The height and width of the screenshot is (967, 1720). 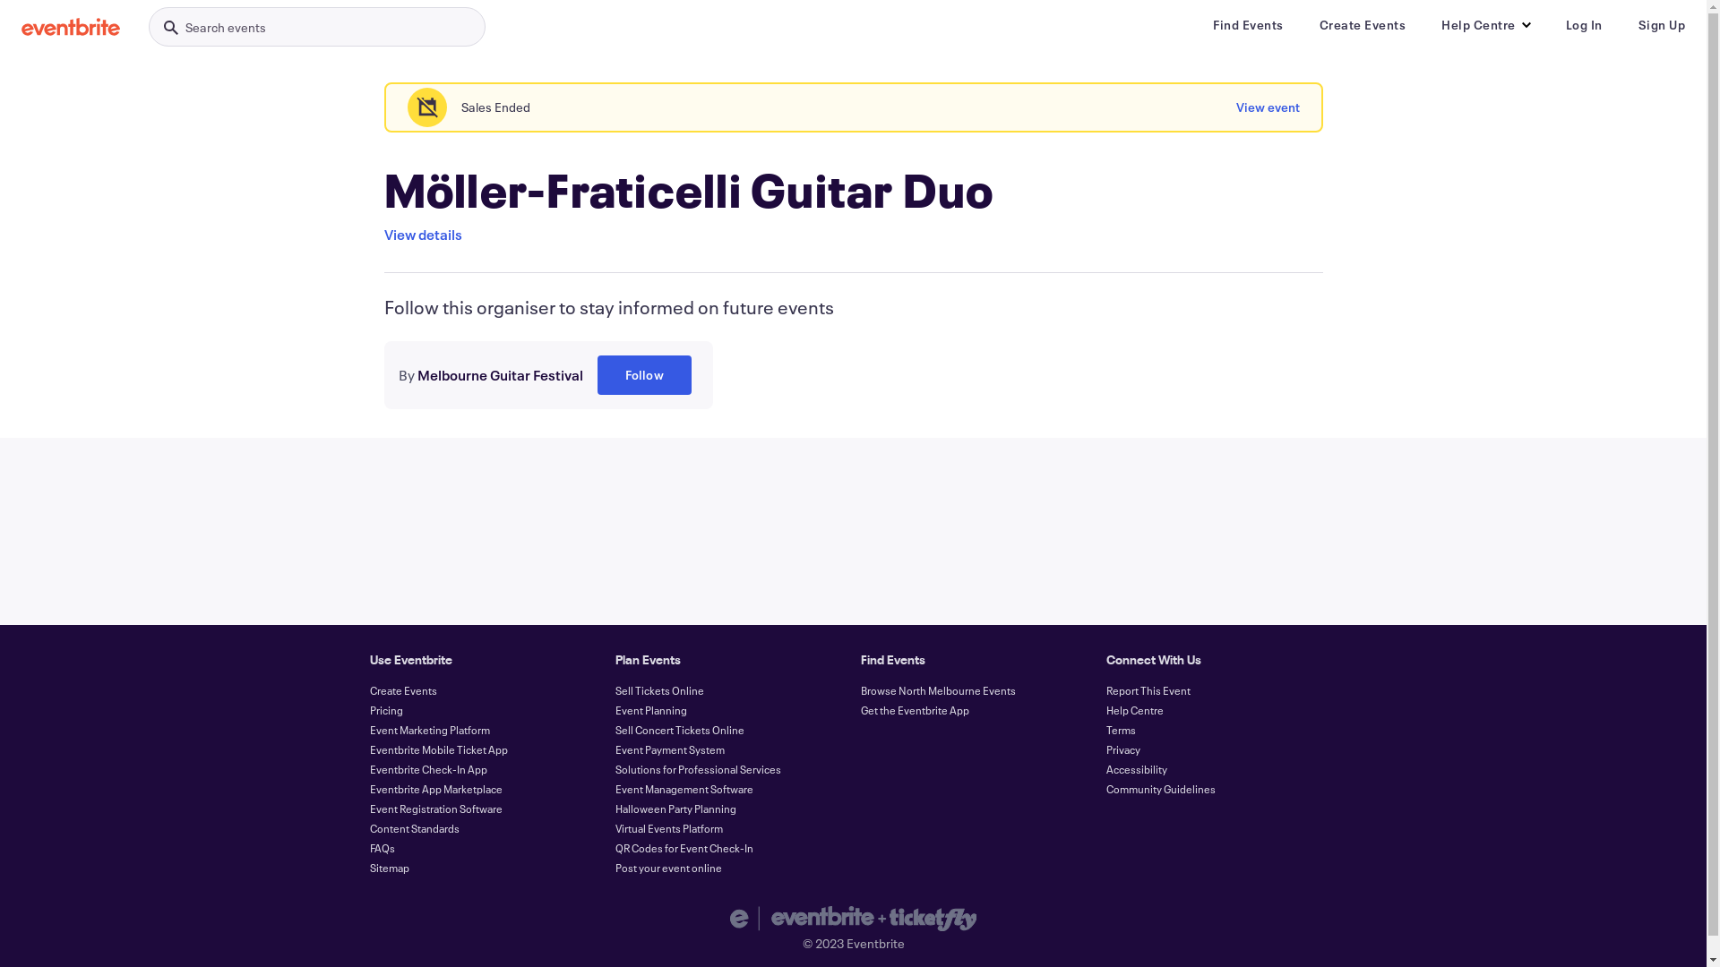 I want to click on 'View details', so click(x=421, y=234).